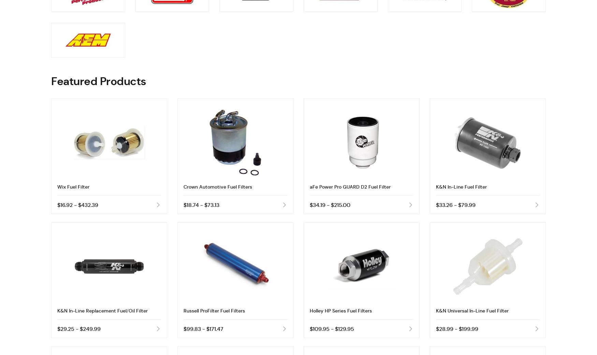 This screenshot has height=355, width=597. Describe the element at coordinates (212, 205) in the screenshot. I see `'$73.13'` at that location.